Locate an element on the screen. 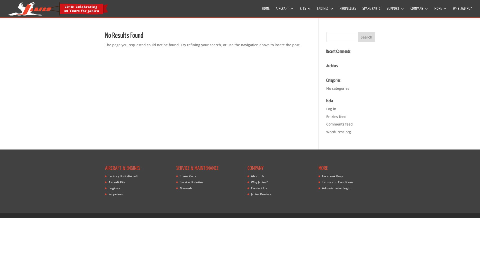  'About Us' is located at coordinates (257, 176).